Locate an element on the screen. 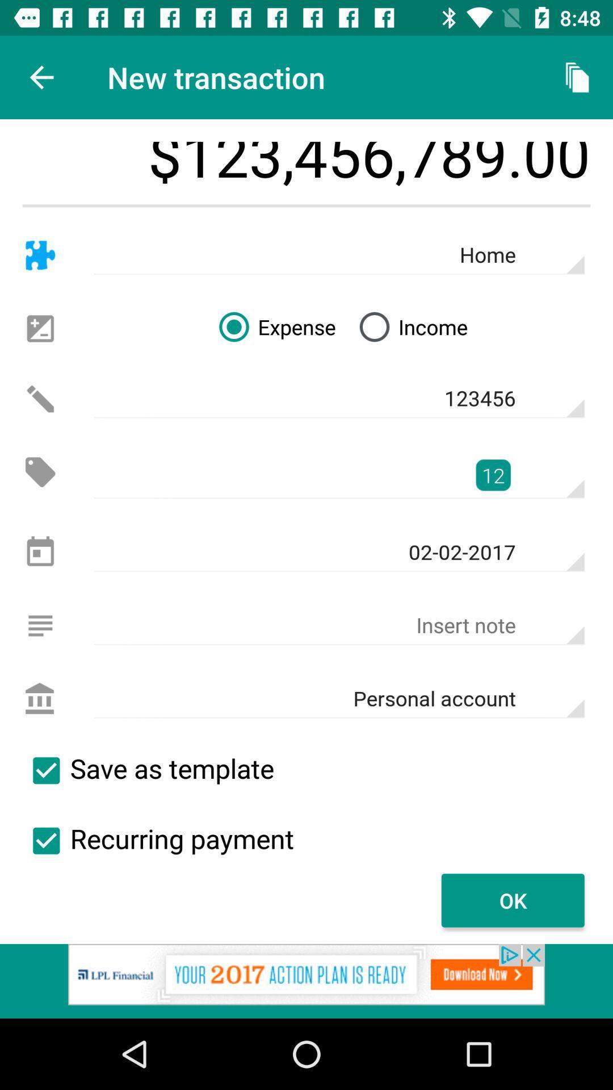 The height and width of the screenshot is (1090, 613). recurring payment is located at coordinates (45, 841).